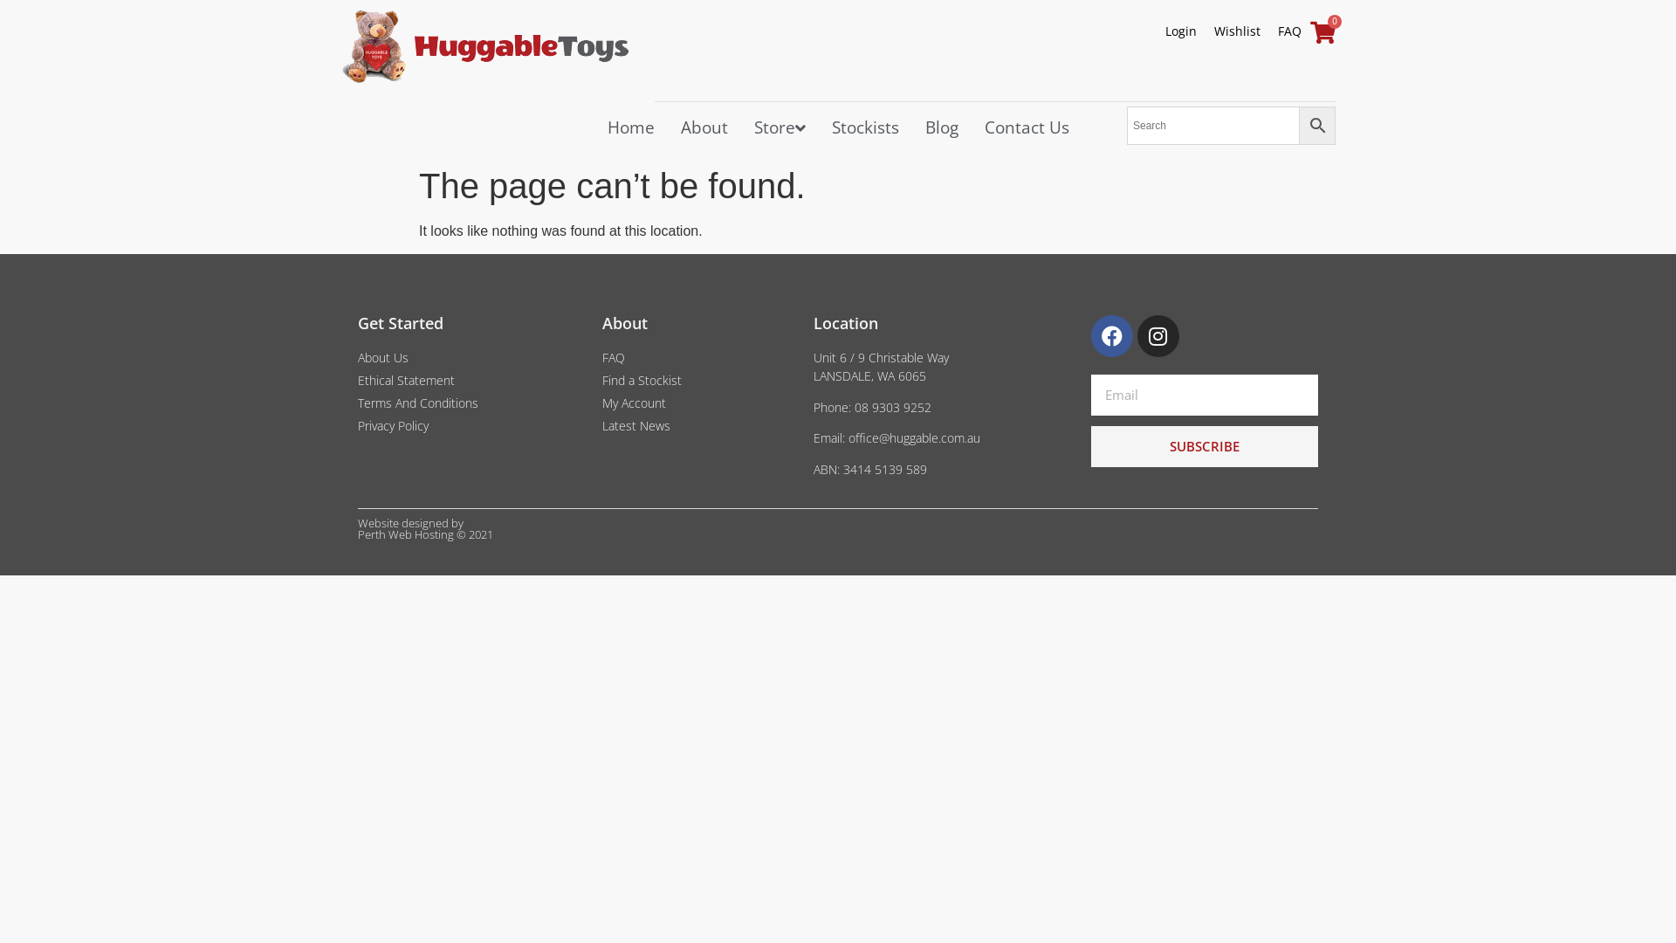 This screenshot has width=1676, height=943. What do you see at coordinates (628, 127) in the screenshot?
I see `'Home'` at bounding box center [628, 127].